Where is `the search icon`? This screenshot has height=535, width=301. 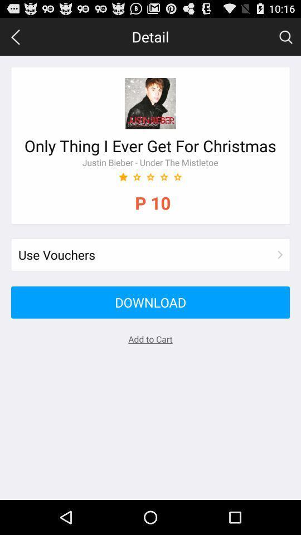 the search icon is located at coordinates (285, 39).